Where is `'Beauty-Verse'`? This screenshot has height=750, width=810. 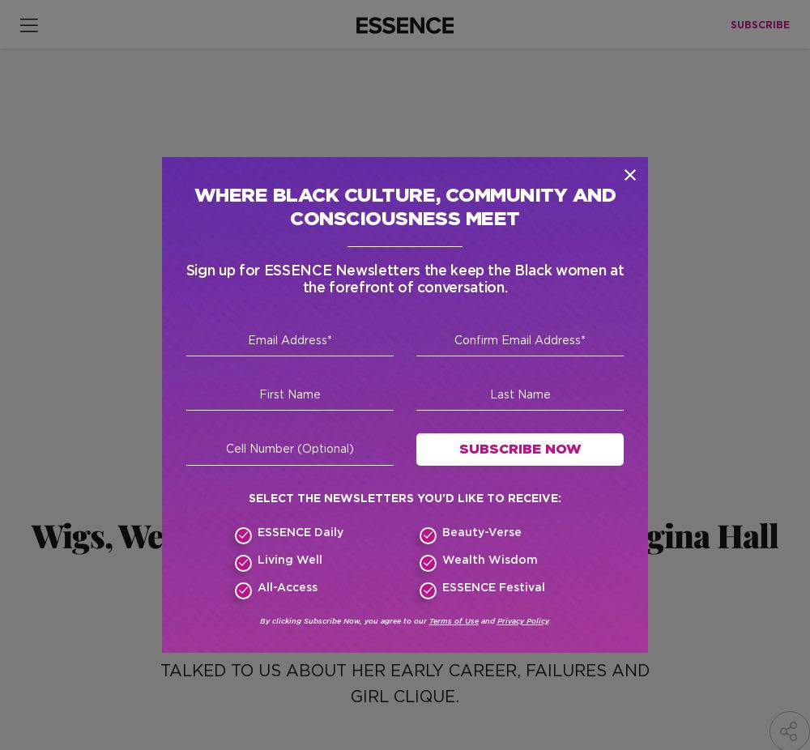 'Beauty-Verse' is located at coordinates (480, 531).